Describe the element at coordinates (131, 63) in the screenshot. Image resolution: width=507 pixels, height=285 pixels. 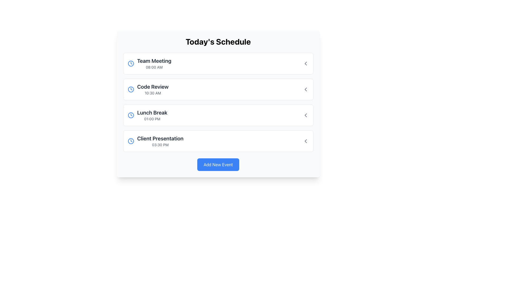
I see `the icon representing the scheduled meeting time of '08:00 AM' located to the left of 'Team Meeting'` at that location.